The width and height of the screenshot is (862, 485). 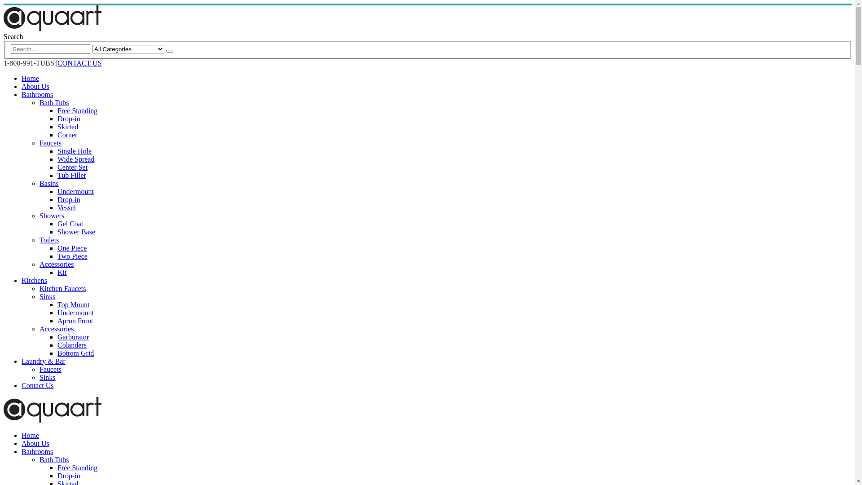 I want to click on 'Bathrooms', so click(x=36, y=451).